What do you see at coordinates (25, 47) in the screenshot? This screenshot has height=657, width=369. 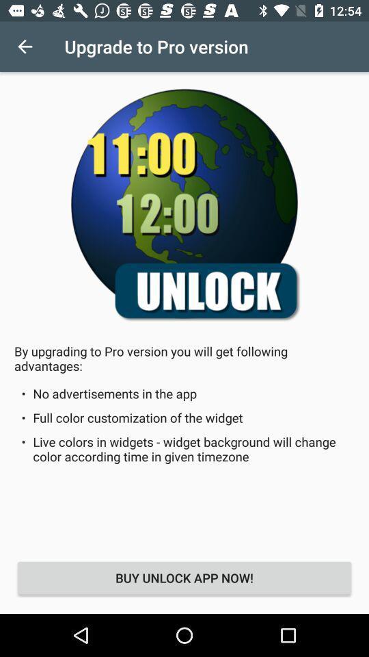 I see `icon to the left of the upgrade to pro icon` at bounding box center [25, 47].